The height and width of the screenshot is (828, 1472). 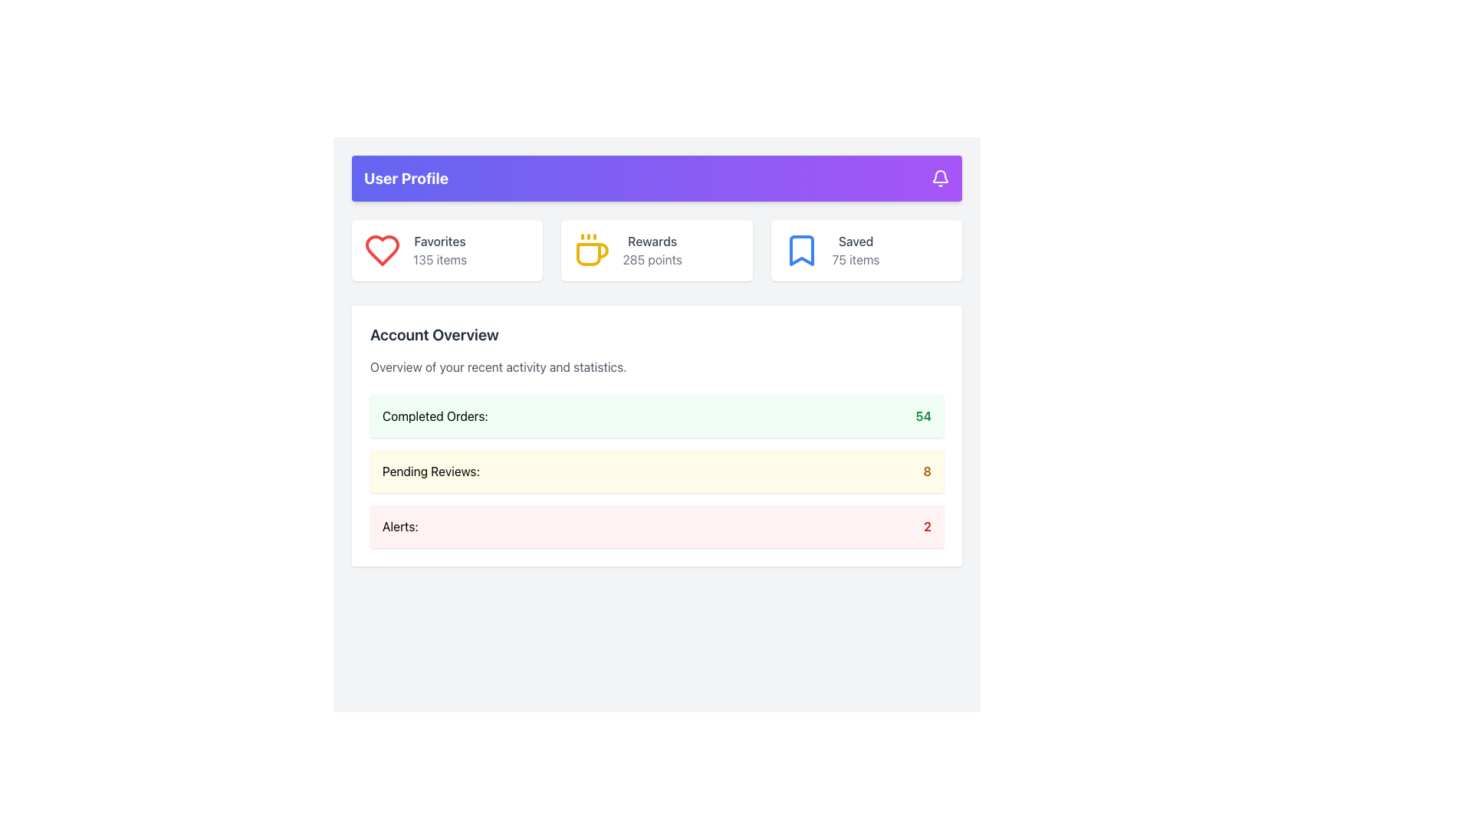 I want to click on the bold green text displaying the number '54', which is positioned to the right of the label 'Completed Orders:', inside a green-highlighted section, so click(x=922, y=416).